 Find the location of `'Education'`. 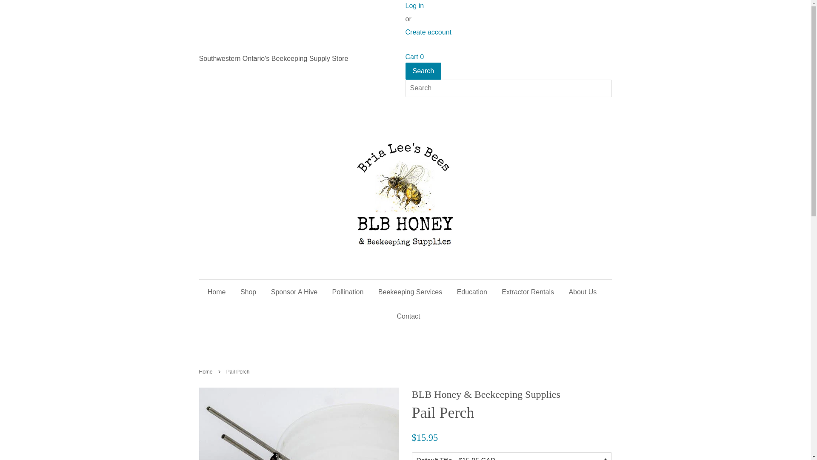

'Education' is located at coordinates (471, 291).